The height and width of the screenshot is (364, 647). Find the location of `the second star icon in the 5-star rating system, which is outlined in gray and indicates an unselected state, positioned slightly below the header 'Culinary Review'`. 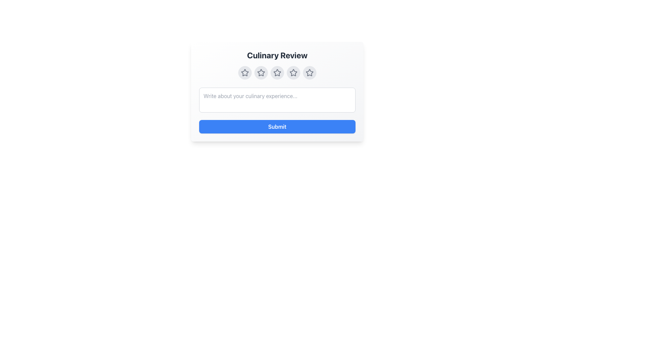

the second star icon in the 5-star rating system, which is outlined in gray and indicates an unselected state, positioned slightly below the header 'Culinary Review' is located at coordinates (260, 72).